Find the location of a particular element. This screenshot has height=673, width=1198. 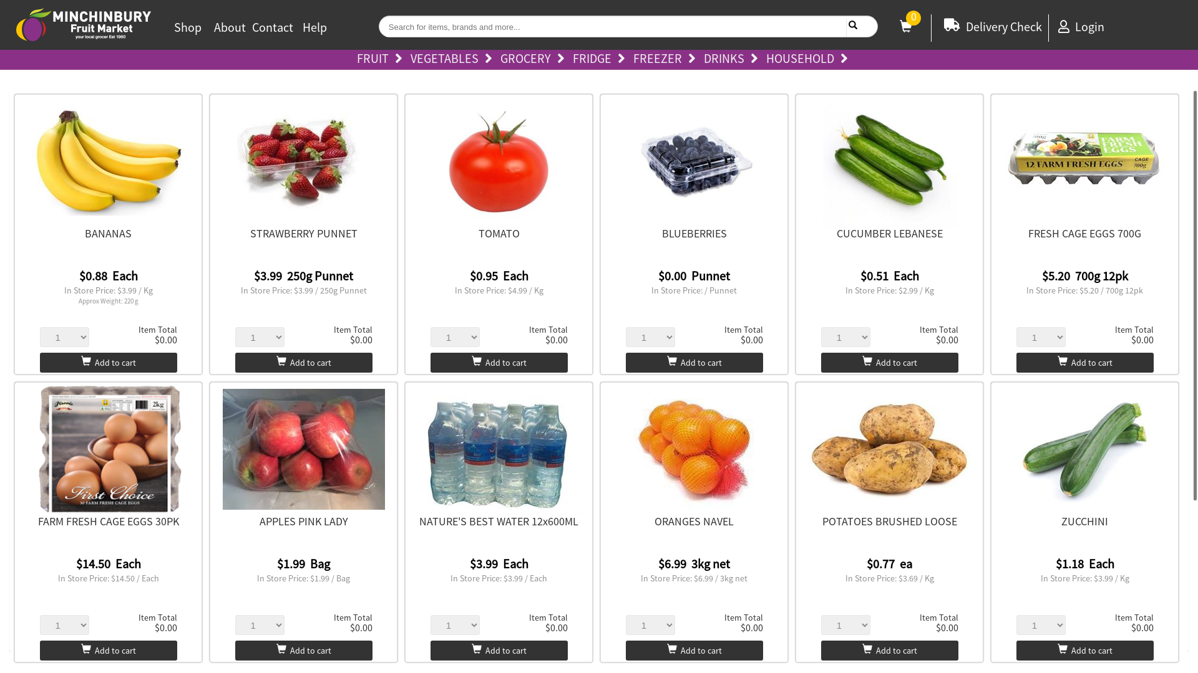

'Login' is located at coordinates (1080, 26).